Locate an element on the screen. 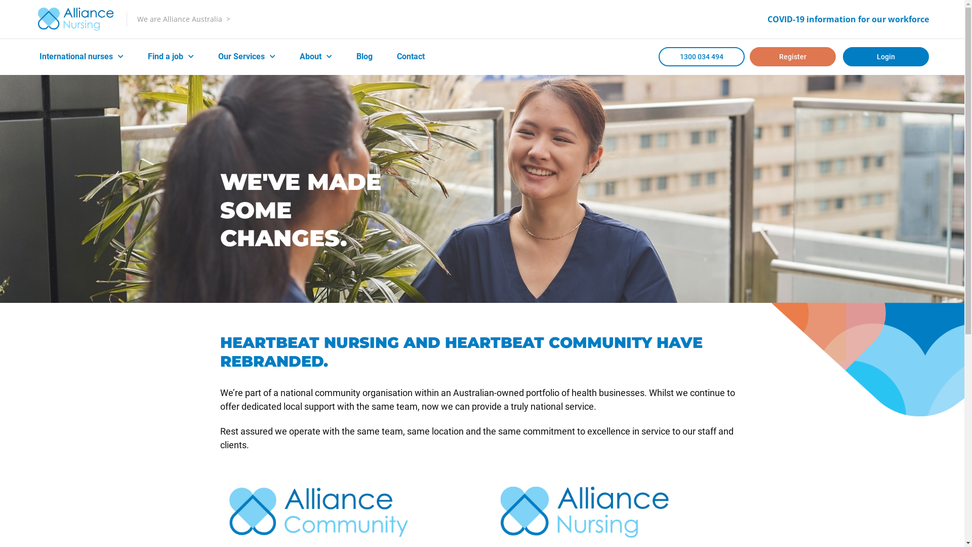 The image size is (972, 547). 'Our Services' is located at coordinates (247, 56).